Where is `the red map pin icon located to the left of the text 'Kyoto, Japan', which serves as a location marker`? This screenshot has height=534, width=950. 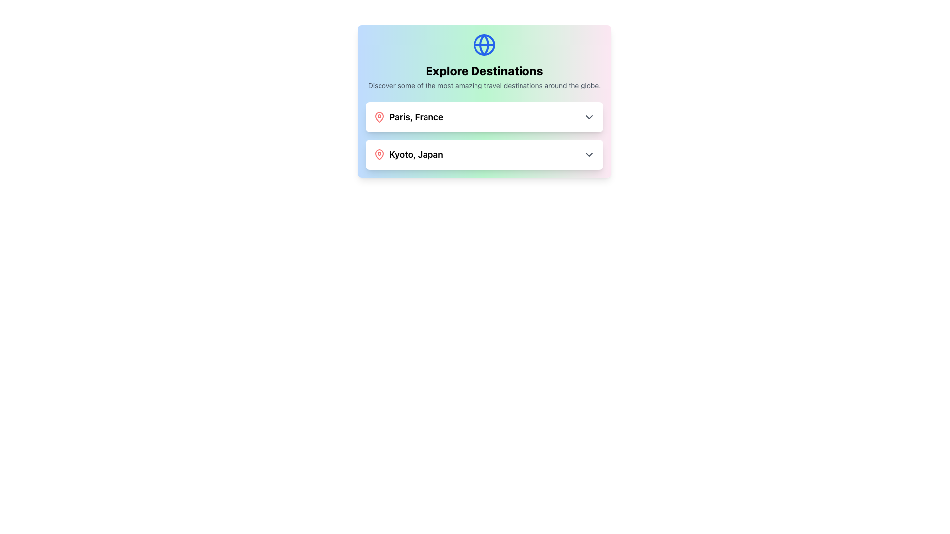
the red map pin icon located to the left of the text 'Kyoto, Japan', which serves as a location marker is located at coordinates (379, 154).